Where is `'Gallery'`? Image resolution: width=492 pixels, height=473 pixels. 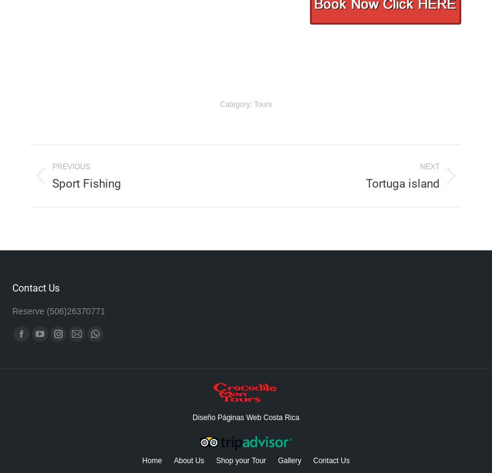
'Gallery' is located at coordinates (289, 460).